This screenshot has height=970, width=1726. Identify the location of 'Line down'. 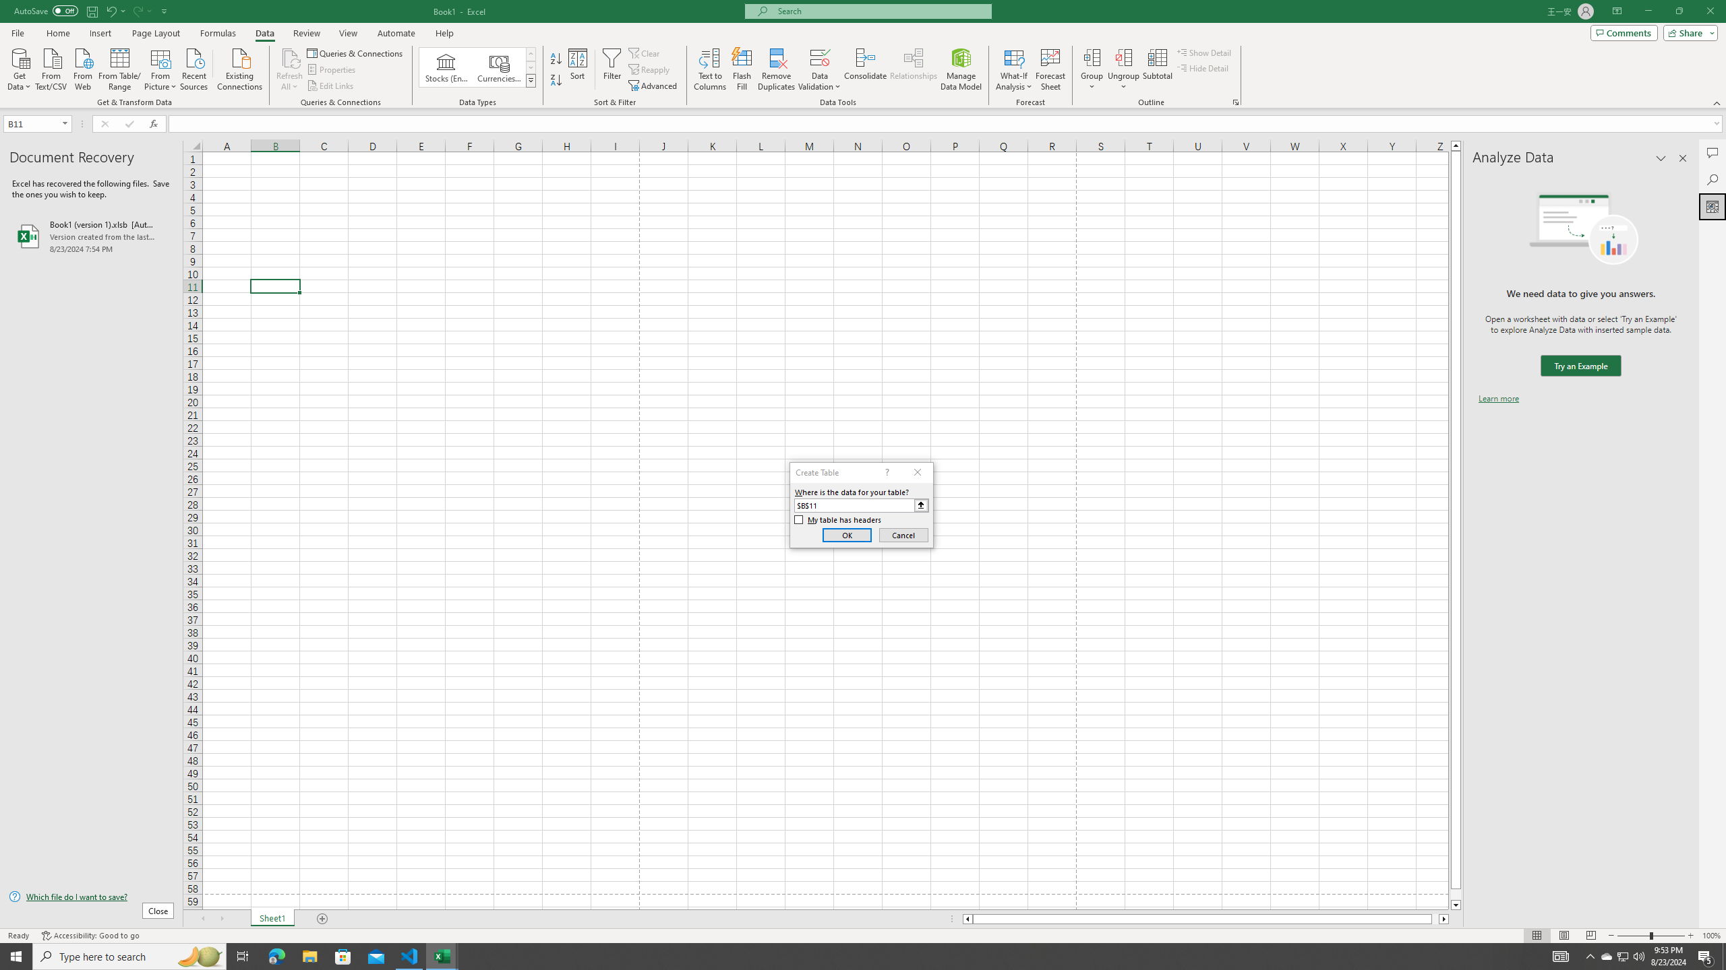
(1456, 905).